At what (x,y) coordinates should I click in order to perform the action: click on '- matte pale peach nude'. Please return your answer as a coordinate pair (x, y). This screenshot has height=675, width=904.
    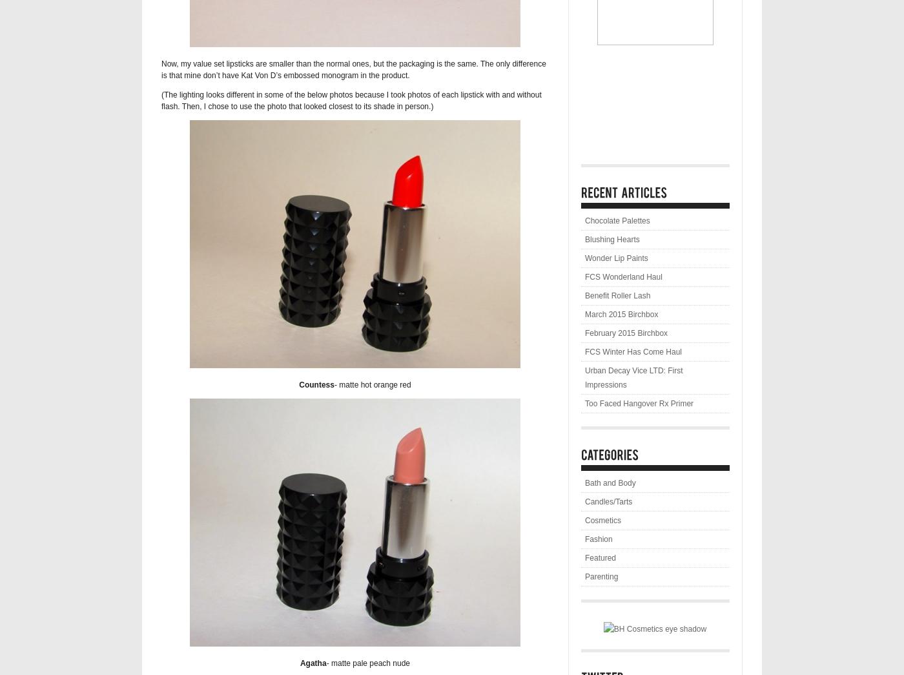
    Looking at the image, I should click on (367, 663).